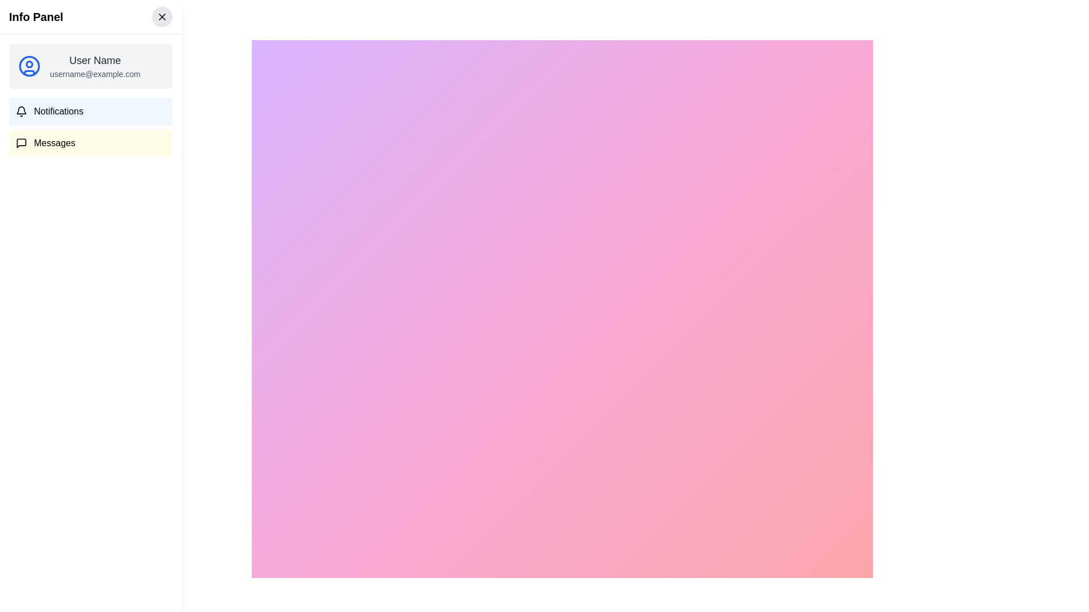  What do you see at coordinates (95, 74) in the screenshot?
I see `the text display showing the email address, which is styled with a smaller gray font and located beneath the user name in the user profile card panel` at bounding box center [95, 74].